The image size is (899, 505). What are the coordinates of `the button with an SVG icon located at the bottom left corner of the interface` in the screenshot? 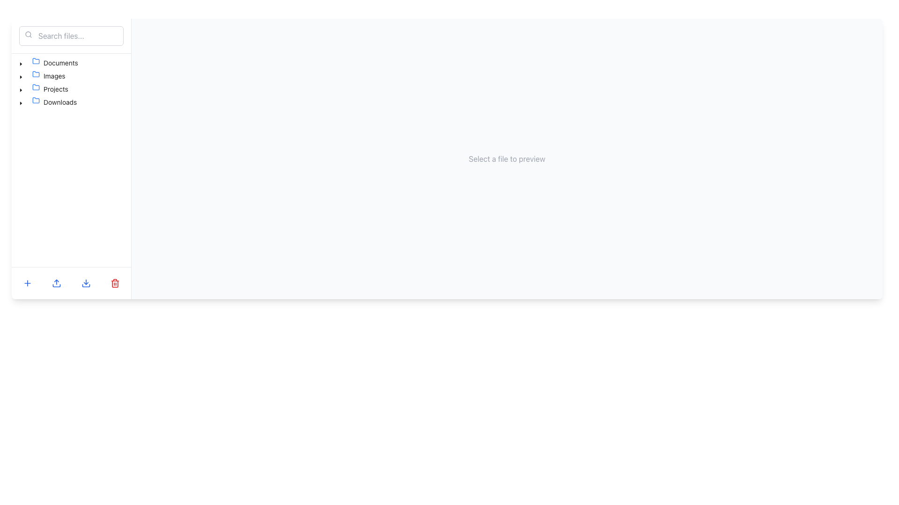 It's located at (27, 282).